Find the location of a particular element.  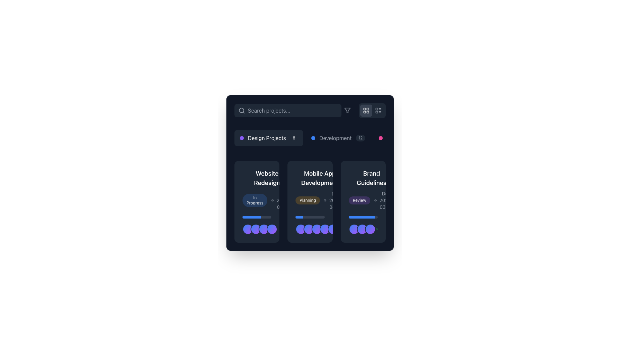

the 'Development' static text label, which is centrally positioned among its siblings, located to the right of a small circular indicator dot and to the left of another text element with the number '12' is located at coordinates (335, 138).